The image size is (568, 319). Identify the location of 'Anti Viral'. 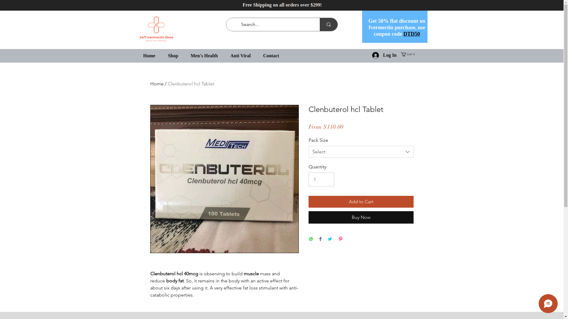
(241, 56).